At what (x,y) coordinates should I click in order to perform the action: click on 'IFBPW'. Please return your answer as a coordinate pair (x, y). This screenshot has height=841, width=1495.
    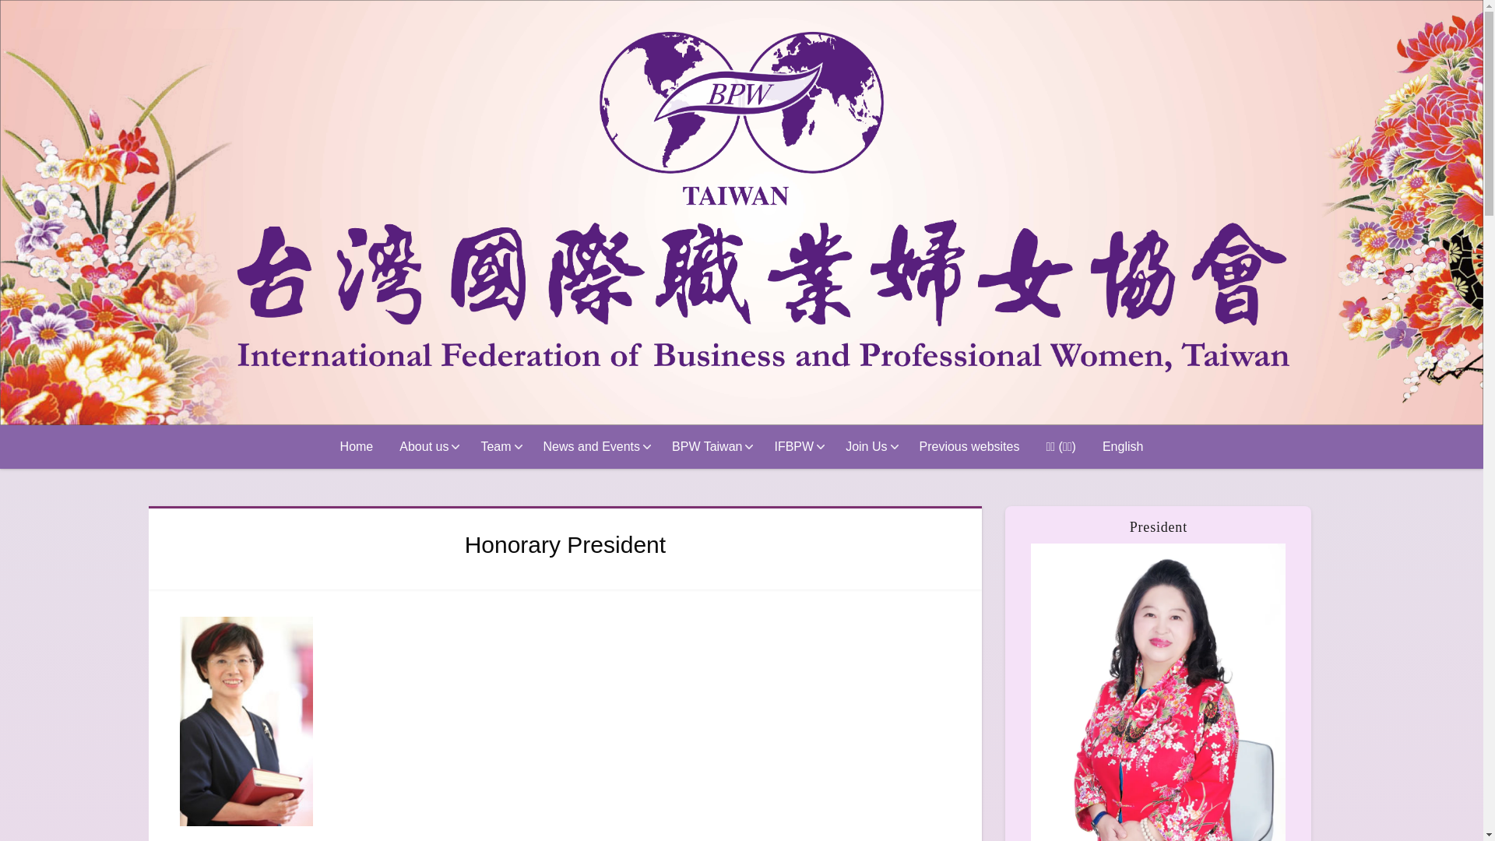
    Looking at the image, I should click on (796, 447).